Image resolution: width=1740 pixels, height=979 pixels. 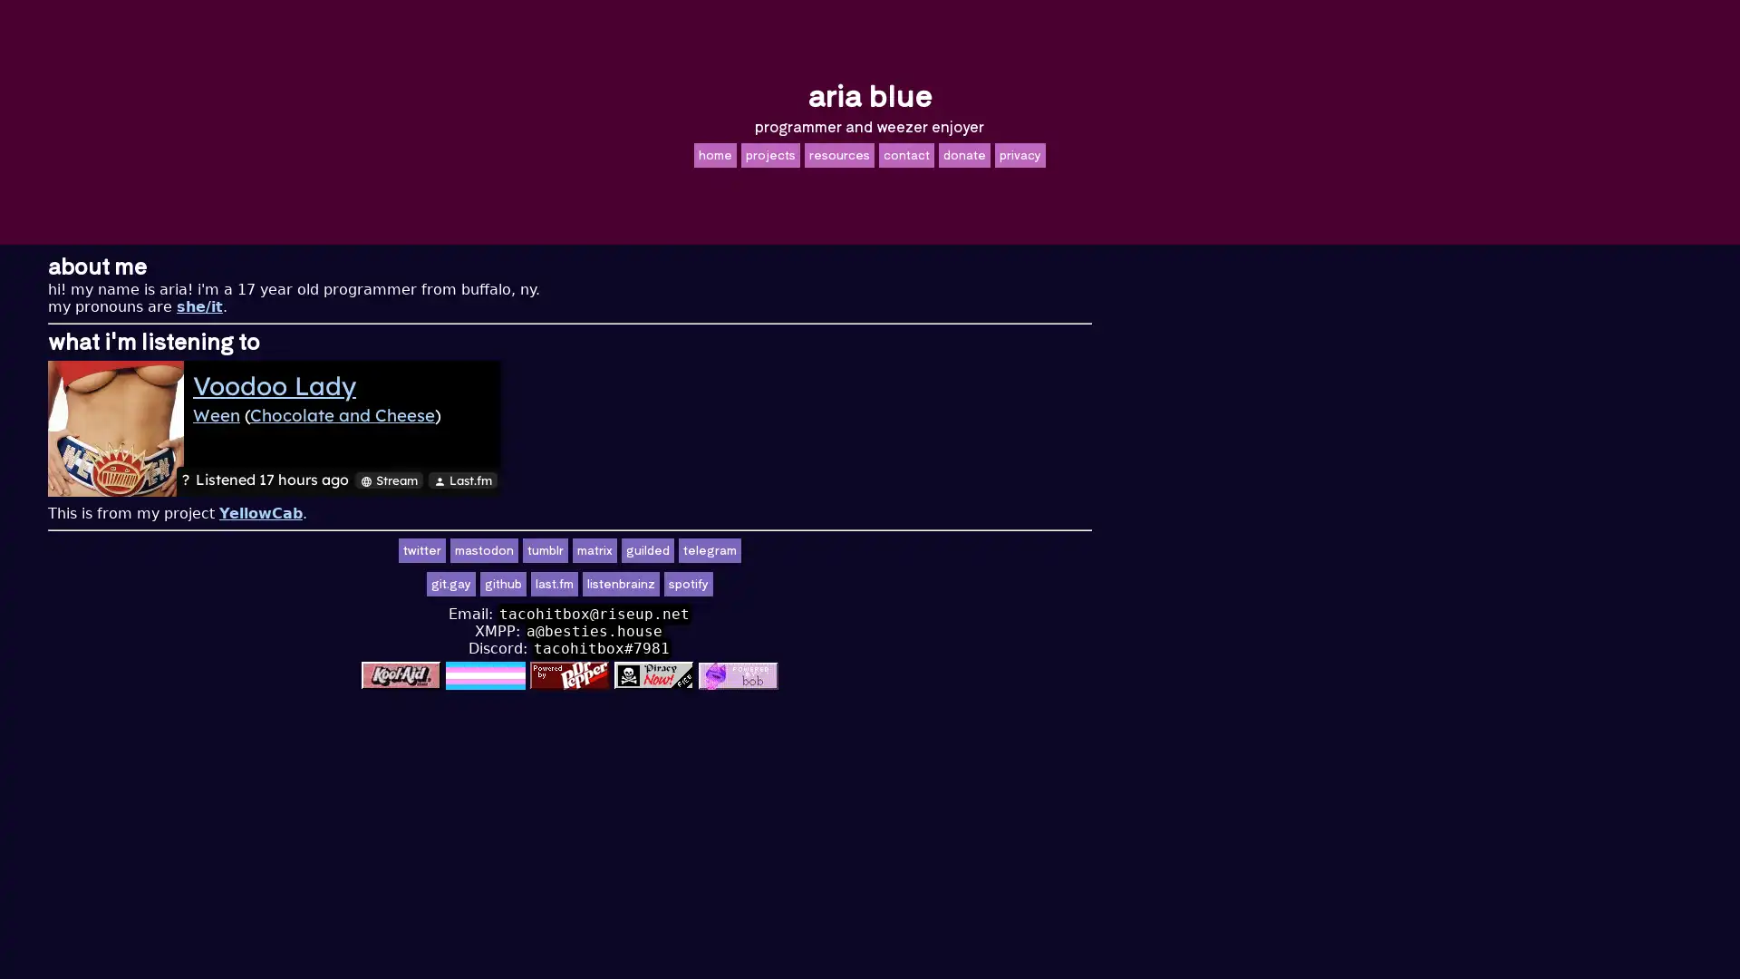 What do you see at coordinates (1019, 153) in the screenshot?
I see `privacy` at bounding box center [1019, 153].